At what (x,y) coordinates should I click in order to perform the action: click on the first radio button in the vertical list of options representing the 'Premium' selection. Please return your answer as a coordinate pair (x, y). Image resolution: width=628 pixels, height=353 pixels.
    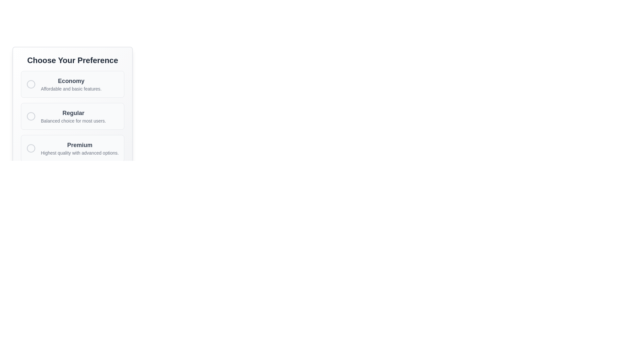
    Looking at the image, I should click on (31, 148).